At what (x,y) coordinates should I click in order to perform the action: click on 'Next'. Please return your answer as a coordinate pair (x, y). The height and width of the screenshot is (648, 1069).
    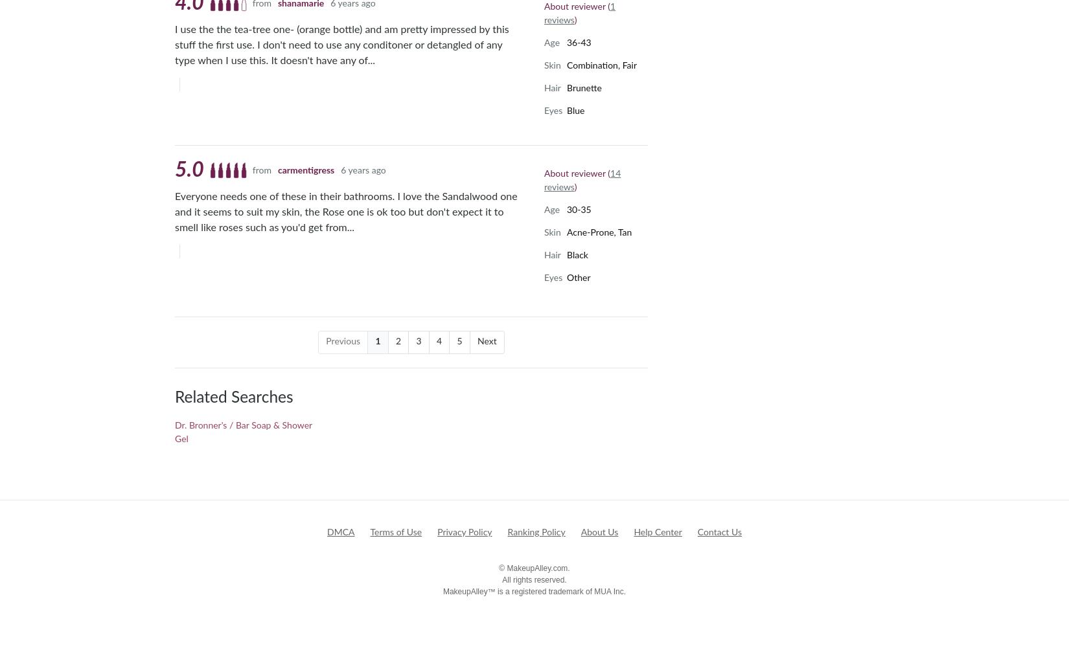
    Looking at the image, I should click on (486, 341).